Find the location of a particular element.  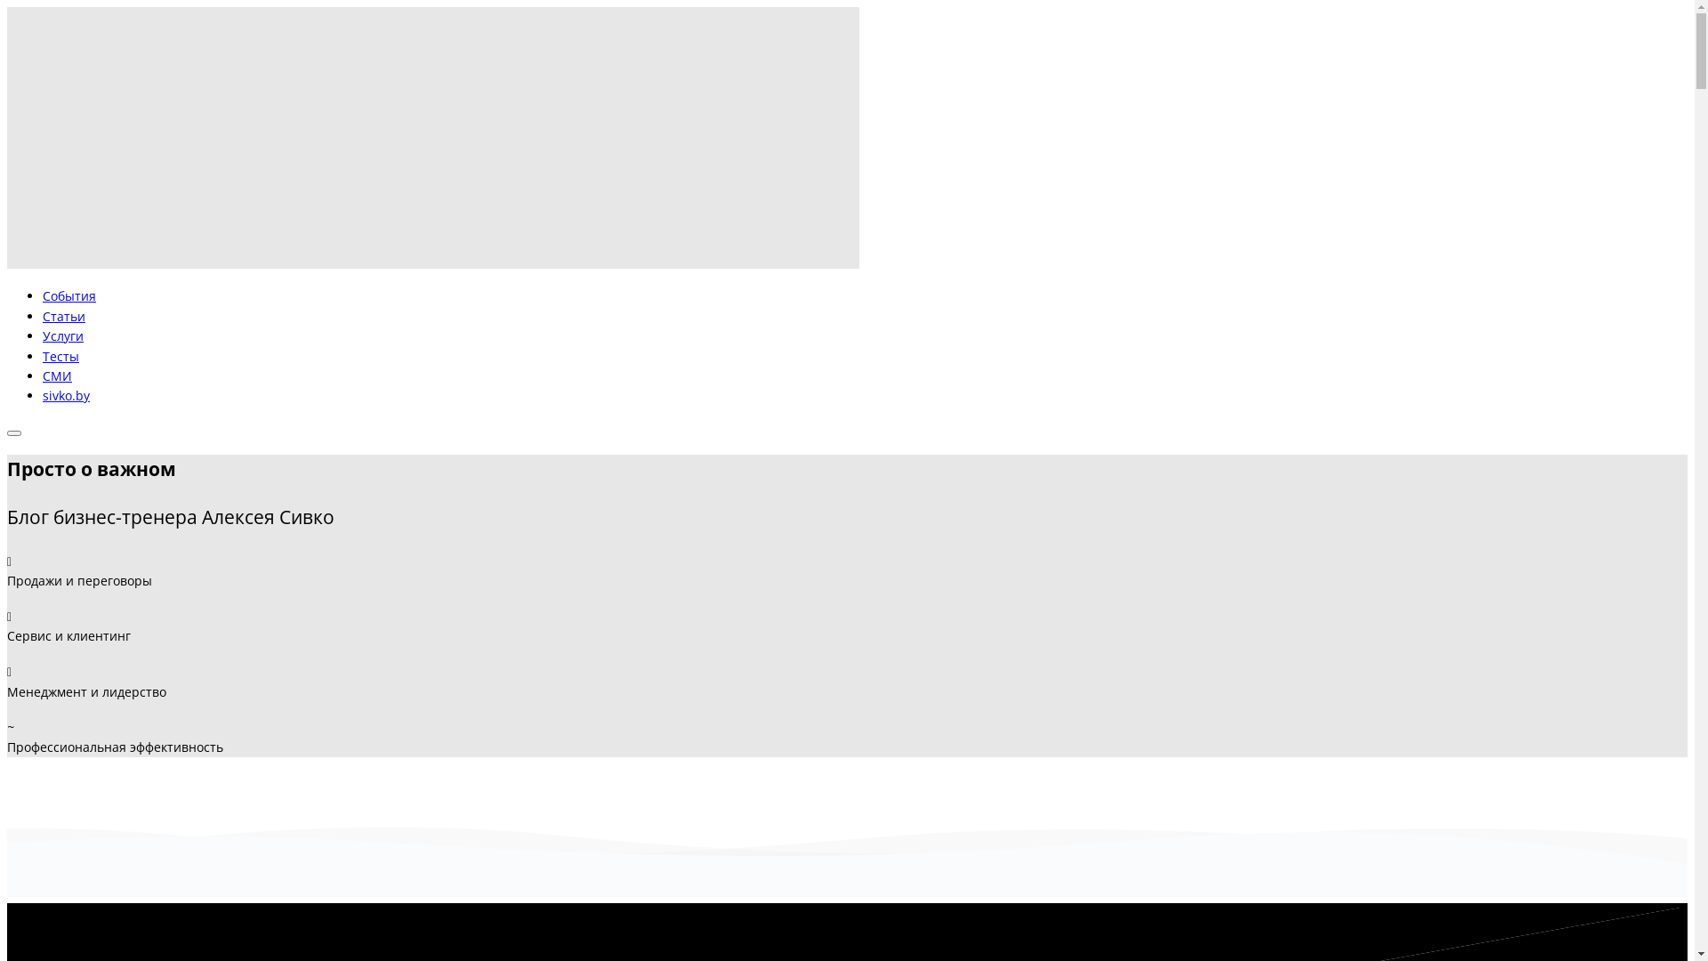

'sivko.by' is located at coordinates (66, 394).